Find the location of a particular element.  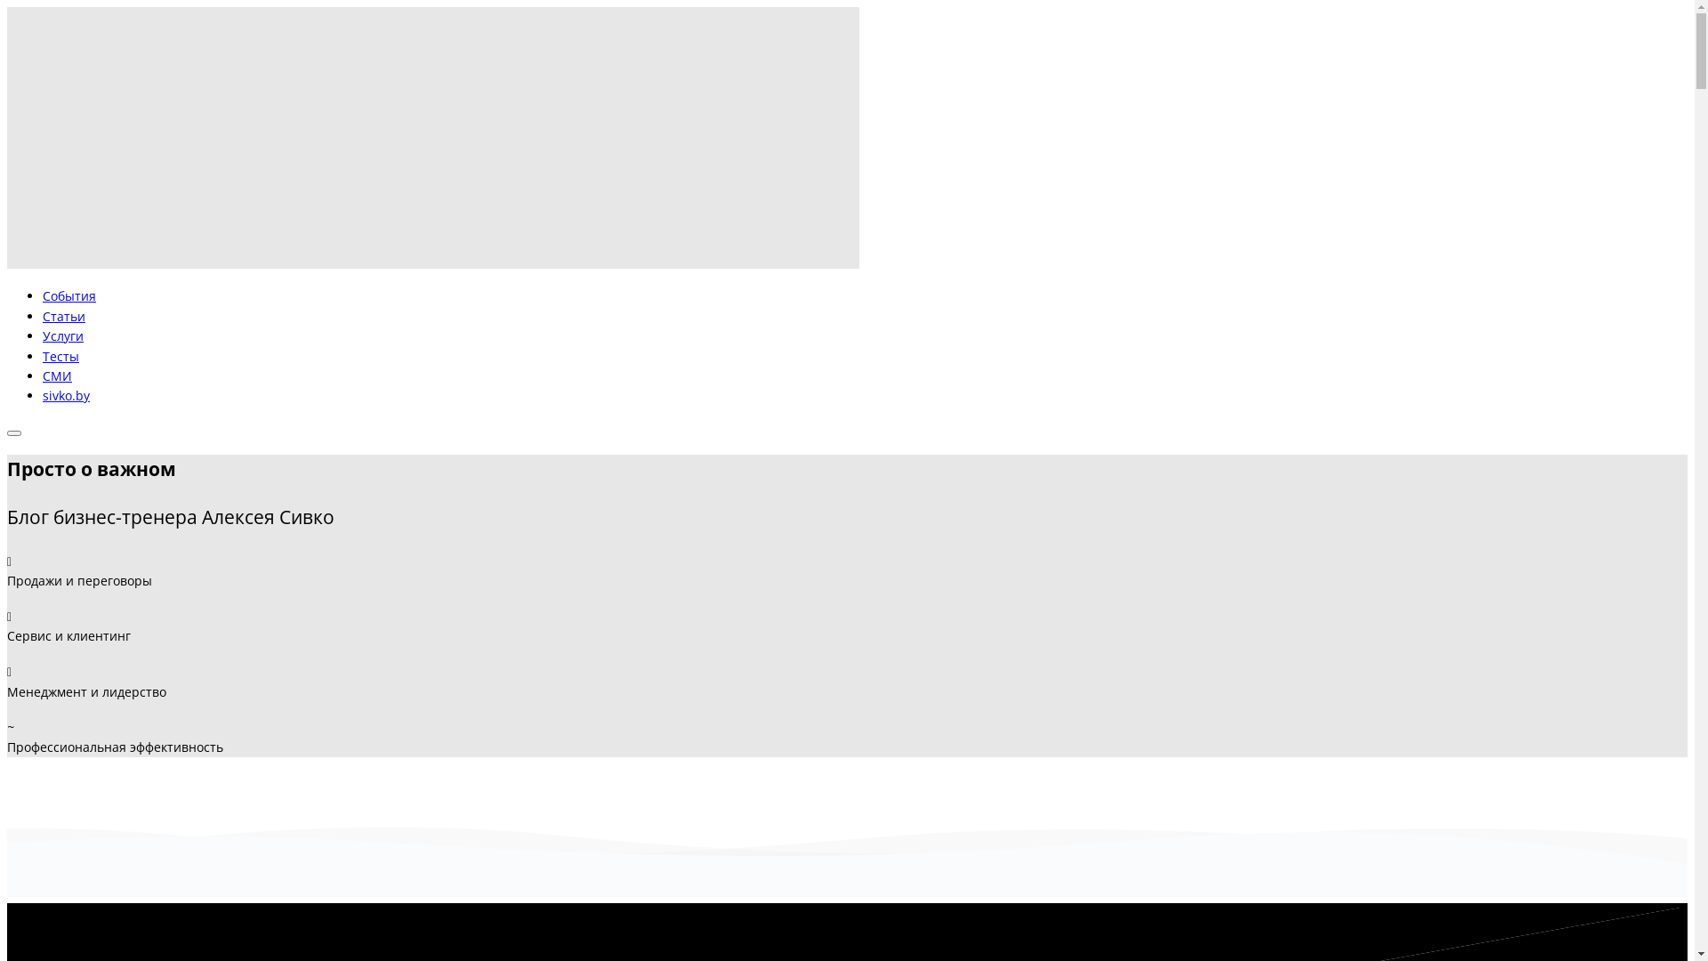

'sivko.by' is located at coordinates (66, 394).